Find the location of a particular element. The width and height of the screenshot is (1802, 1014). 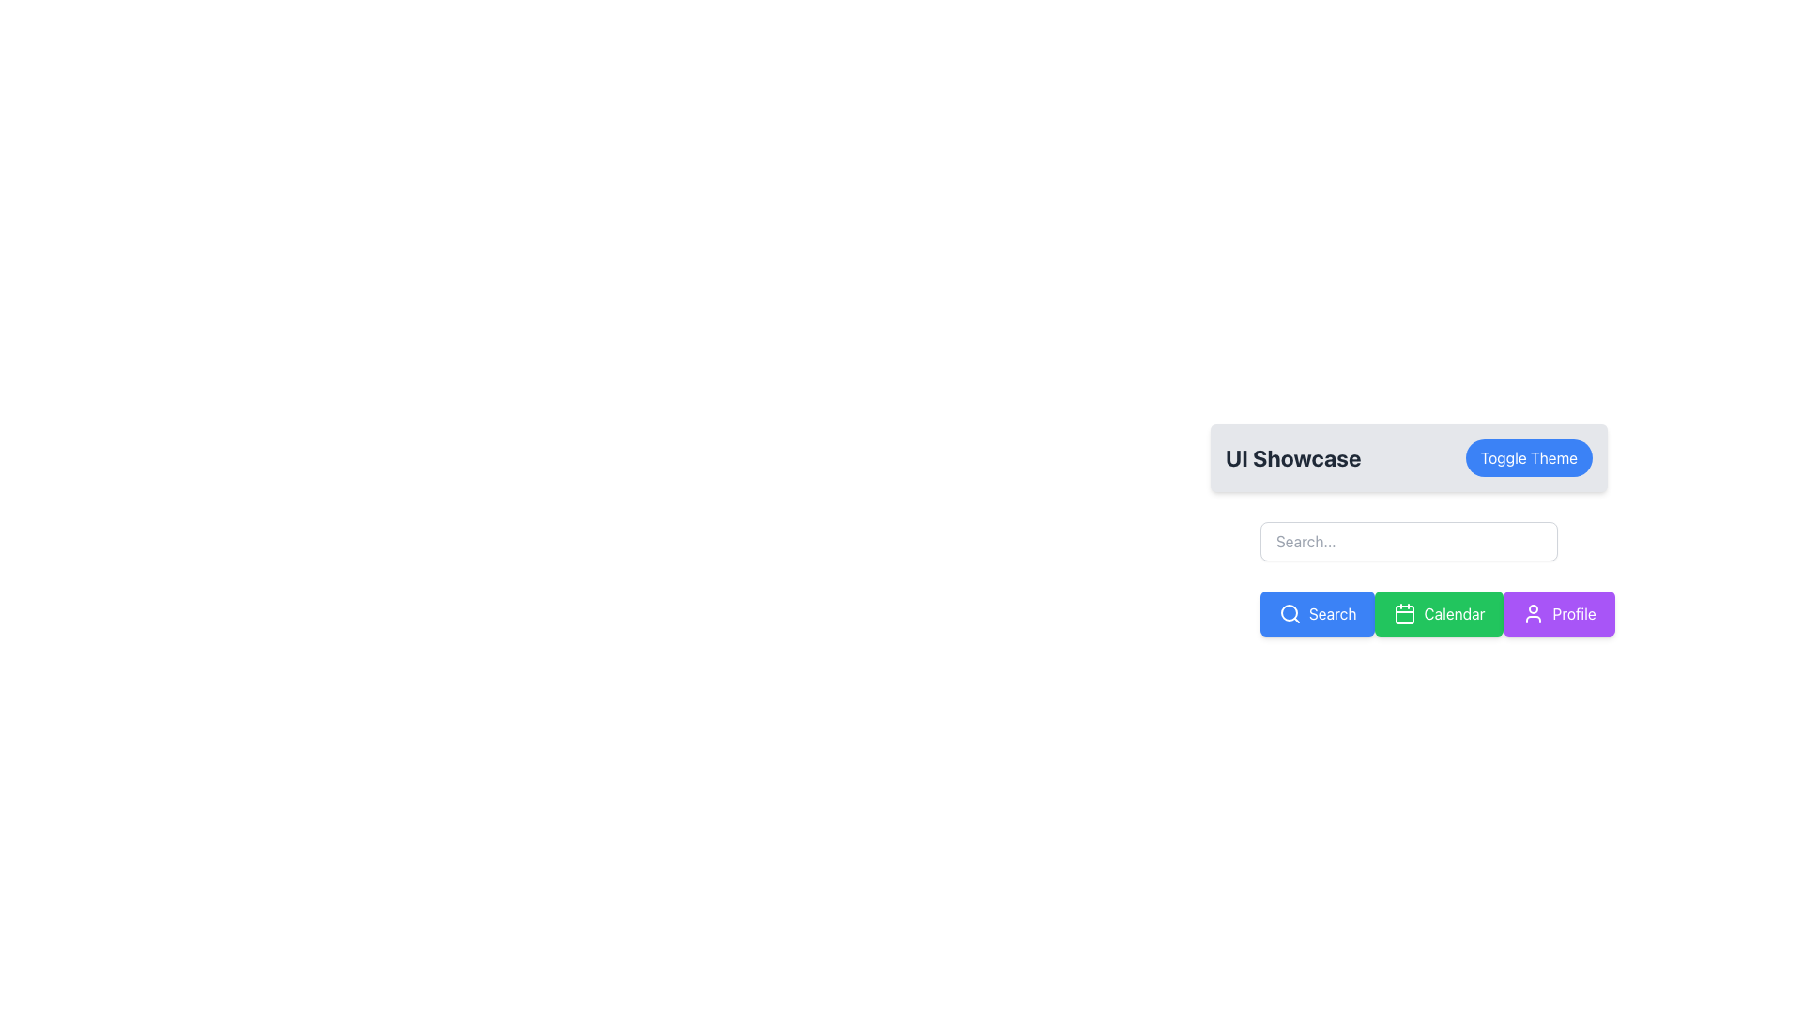

the calendar button, which is the second button in a series of three buttons located beneath the search input field is located at coordinates (1409, 614).